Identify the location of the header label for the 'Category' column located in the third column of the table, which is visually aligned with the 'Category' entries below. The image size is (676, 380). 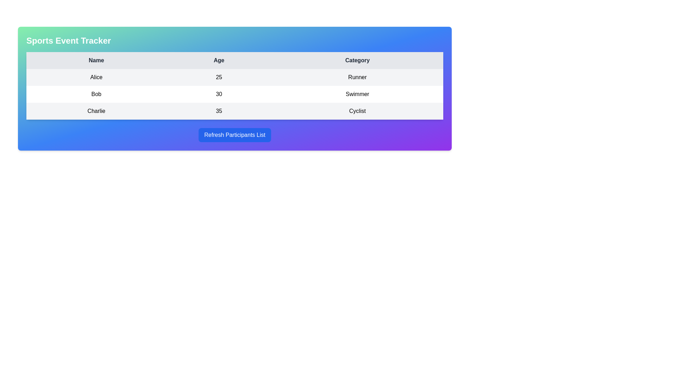
(357, 60).